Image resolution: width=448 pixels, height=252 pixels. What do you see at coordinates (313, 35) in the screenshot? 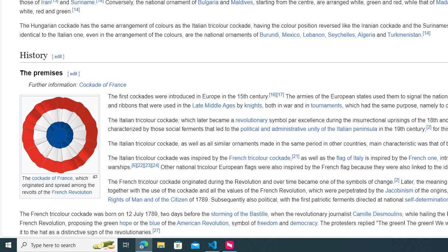
I see `'Lebanon'` at bounding box center [313, 35].